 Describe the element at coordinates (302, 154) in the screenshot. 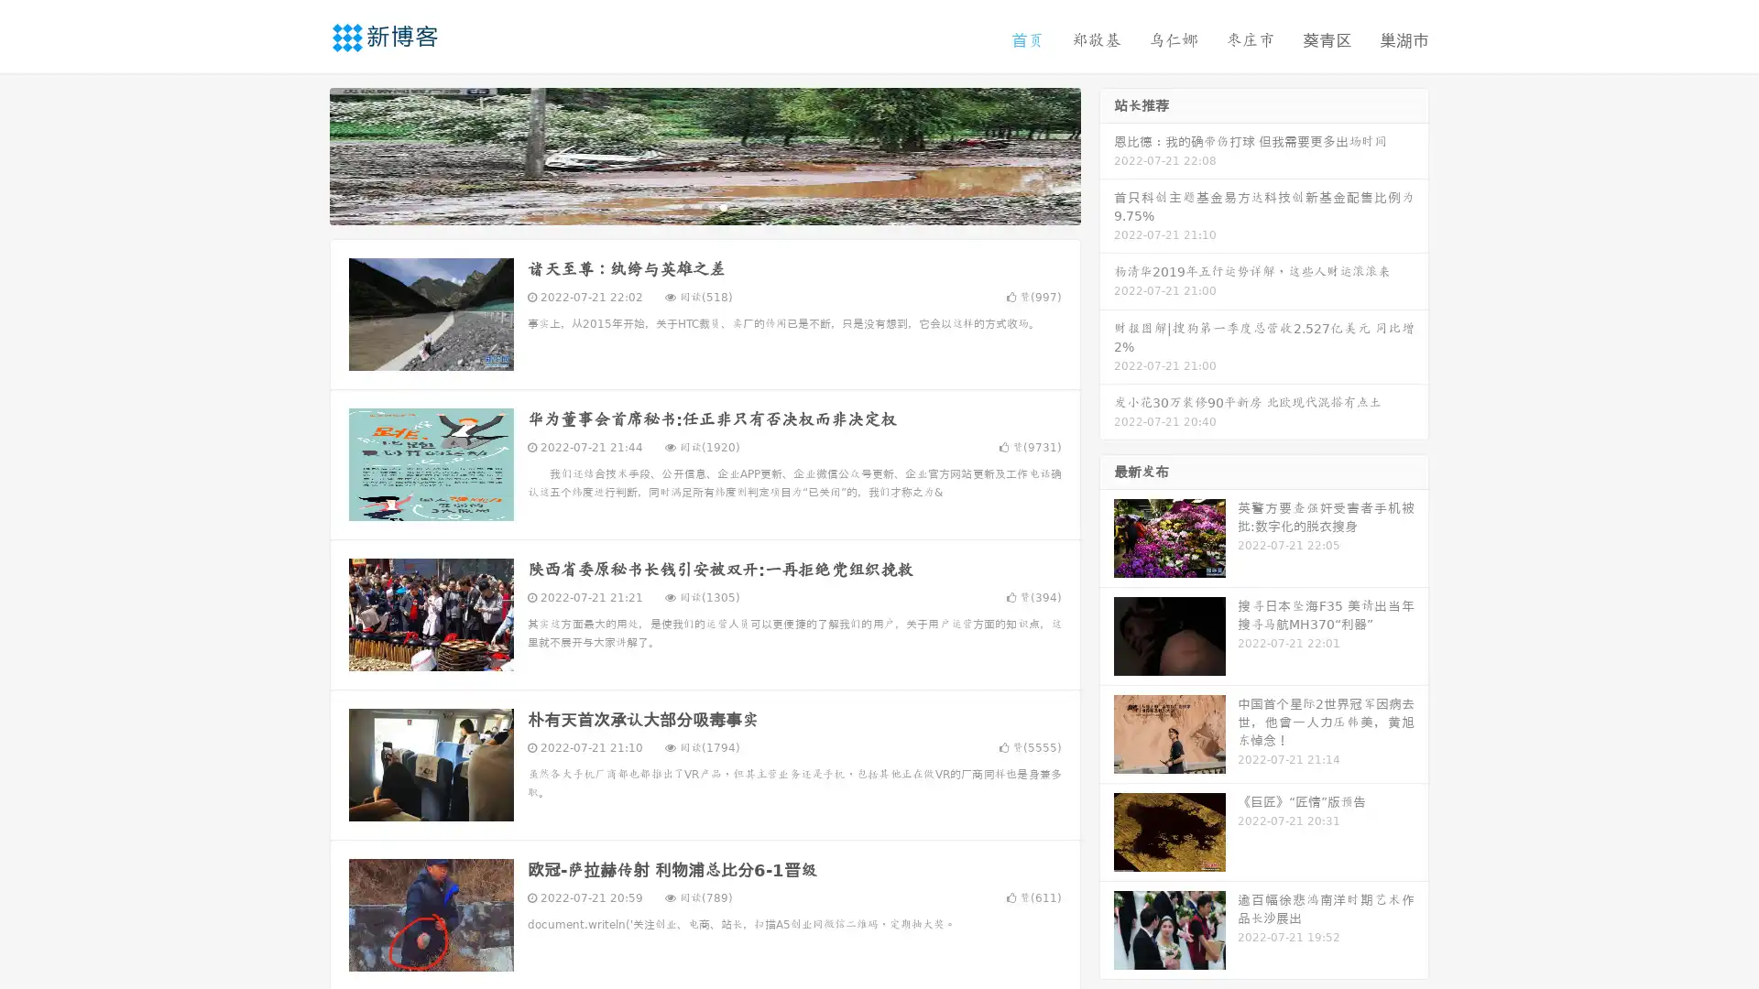

I see `Previous slide` at that location.